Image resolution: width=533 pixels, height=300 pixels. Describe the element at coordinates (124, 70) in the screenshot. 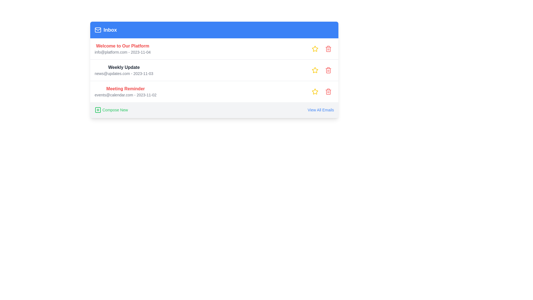

I see `the Email Summary element which displays 'Weekly Update' in bold and 'news@updates.com - 2023-11-03' below it, located in the second position of the email list` at that location.